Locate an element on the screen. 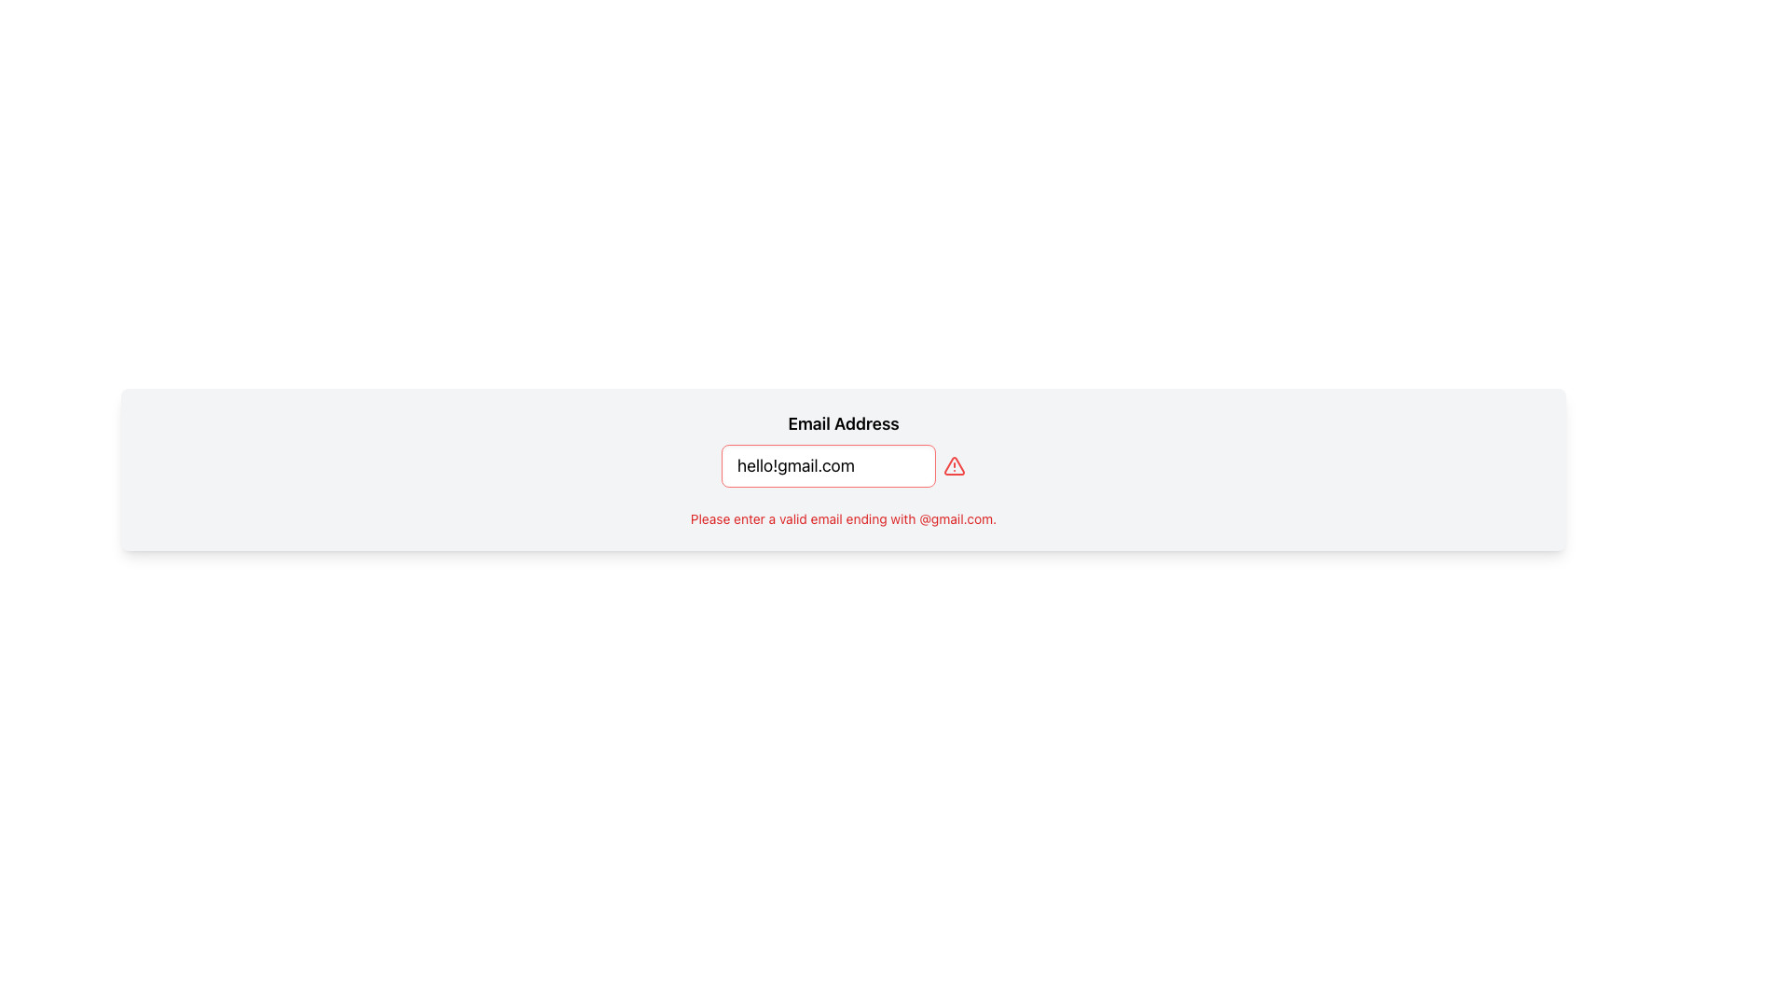  the warning icon next to the input field with the value 'hello!gmail.com' is located at coordinates (954, 465).